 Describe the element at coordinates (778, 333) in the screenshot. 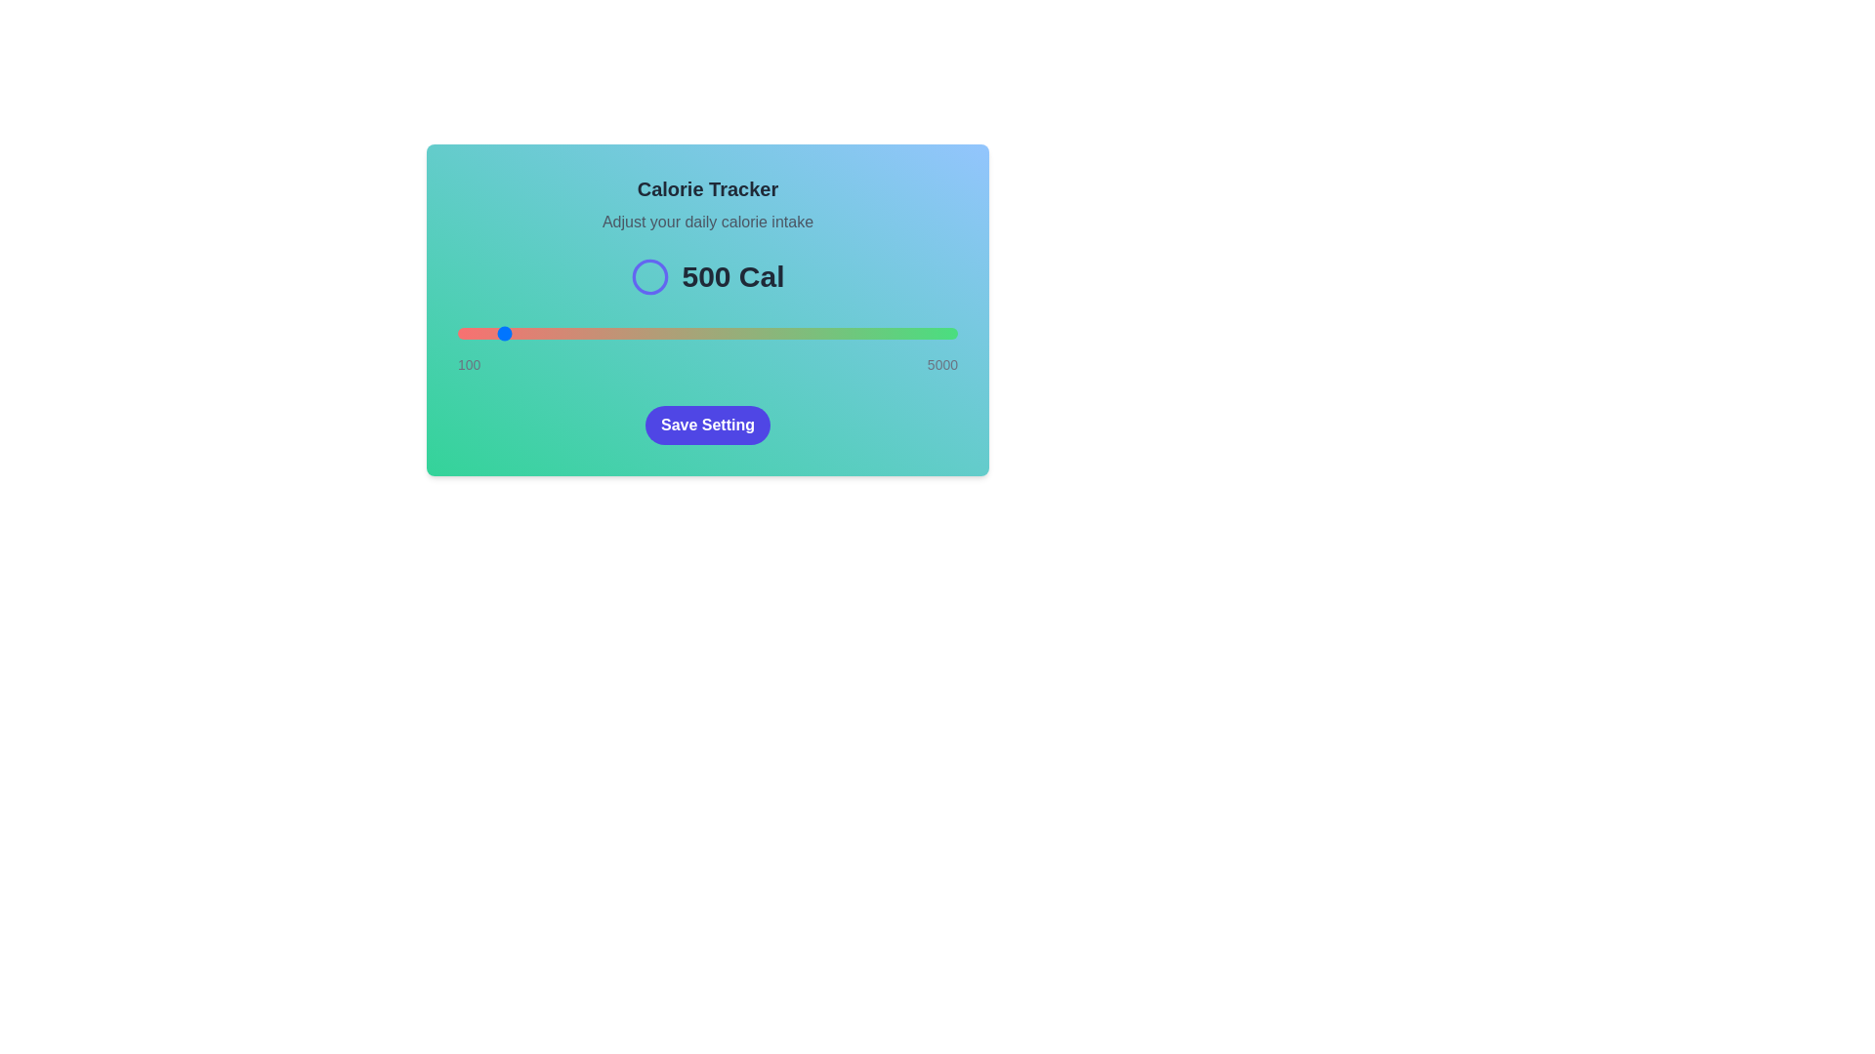

I see `the slider to 3254 calories to observe the color gradient` at that location.